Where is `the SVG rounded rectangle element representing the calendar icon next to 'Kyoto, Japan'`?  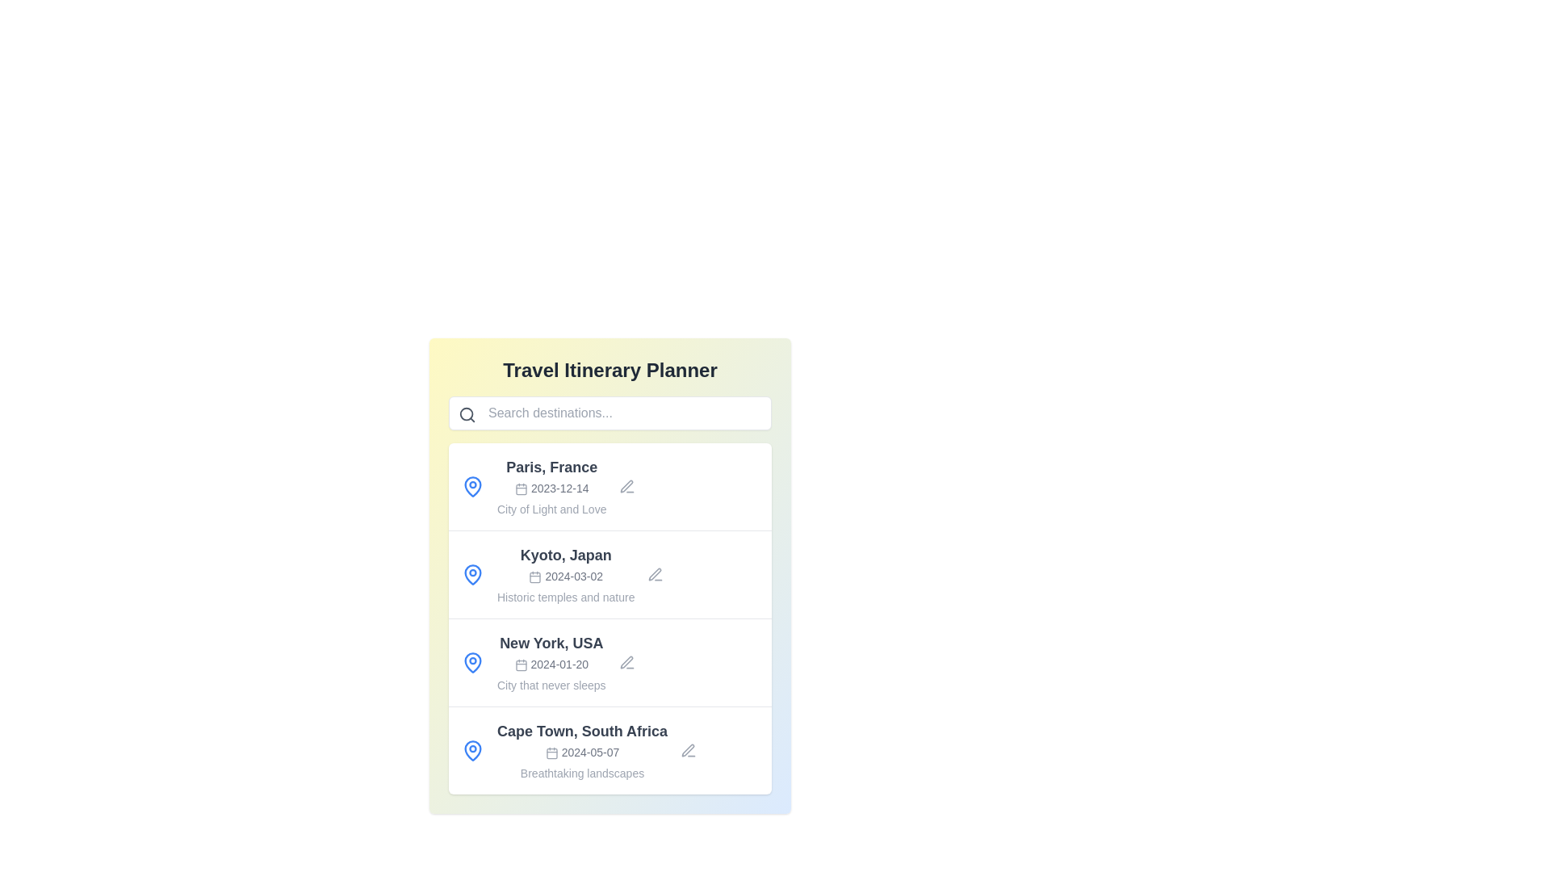
the SVG rounded rectangle element representing the calendar icon next to 'Kyoto, Japan' is located at coordinates (535, 576).